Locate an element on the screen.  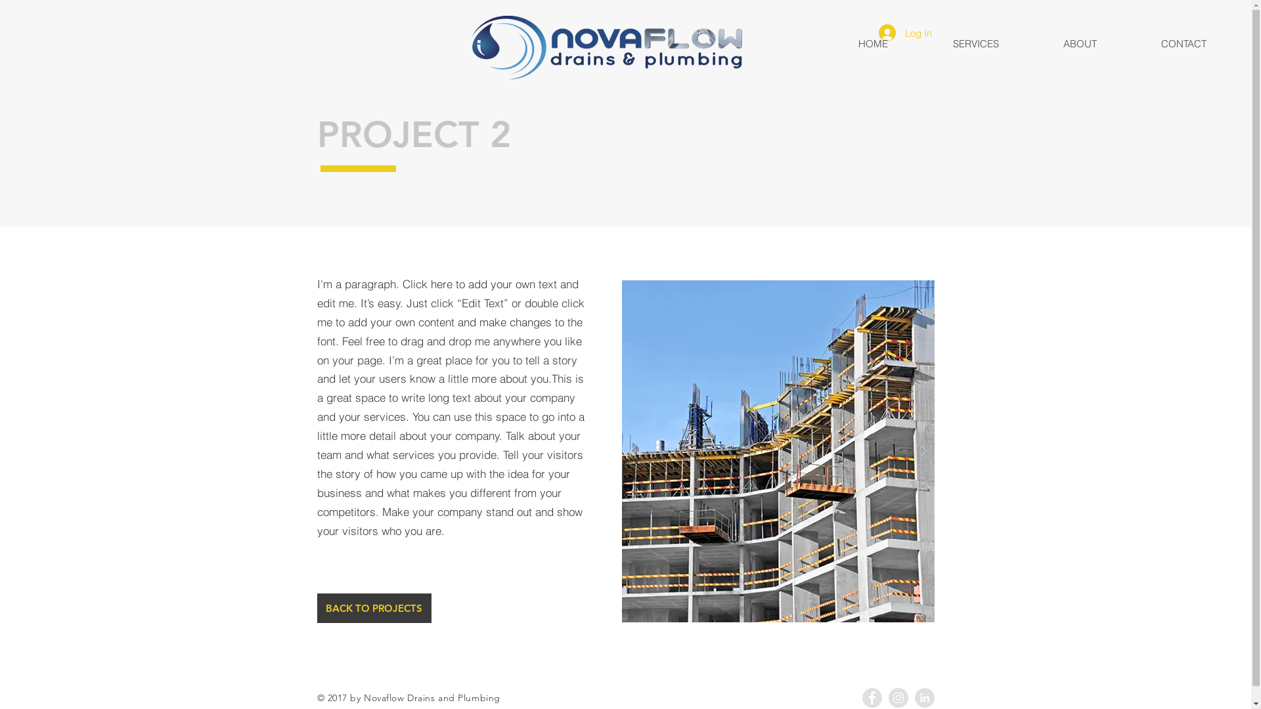
'ABOUT' is located at coordinates (1030, 43).